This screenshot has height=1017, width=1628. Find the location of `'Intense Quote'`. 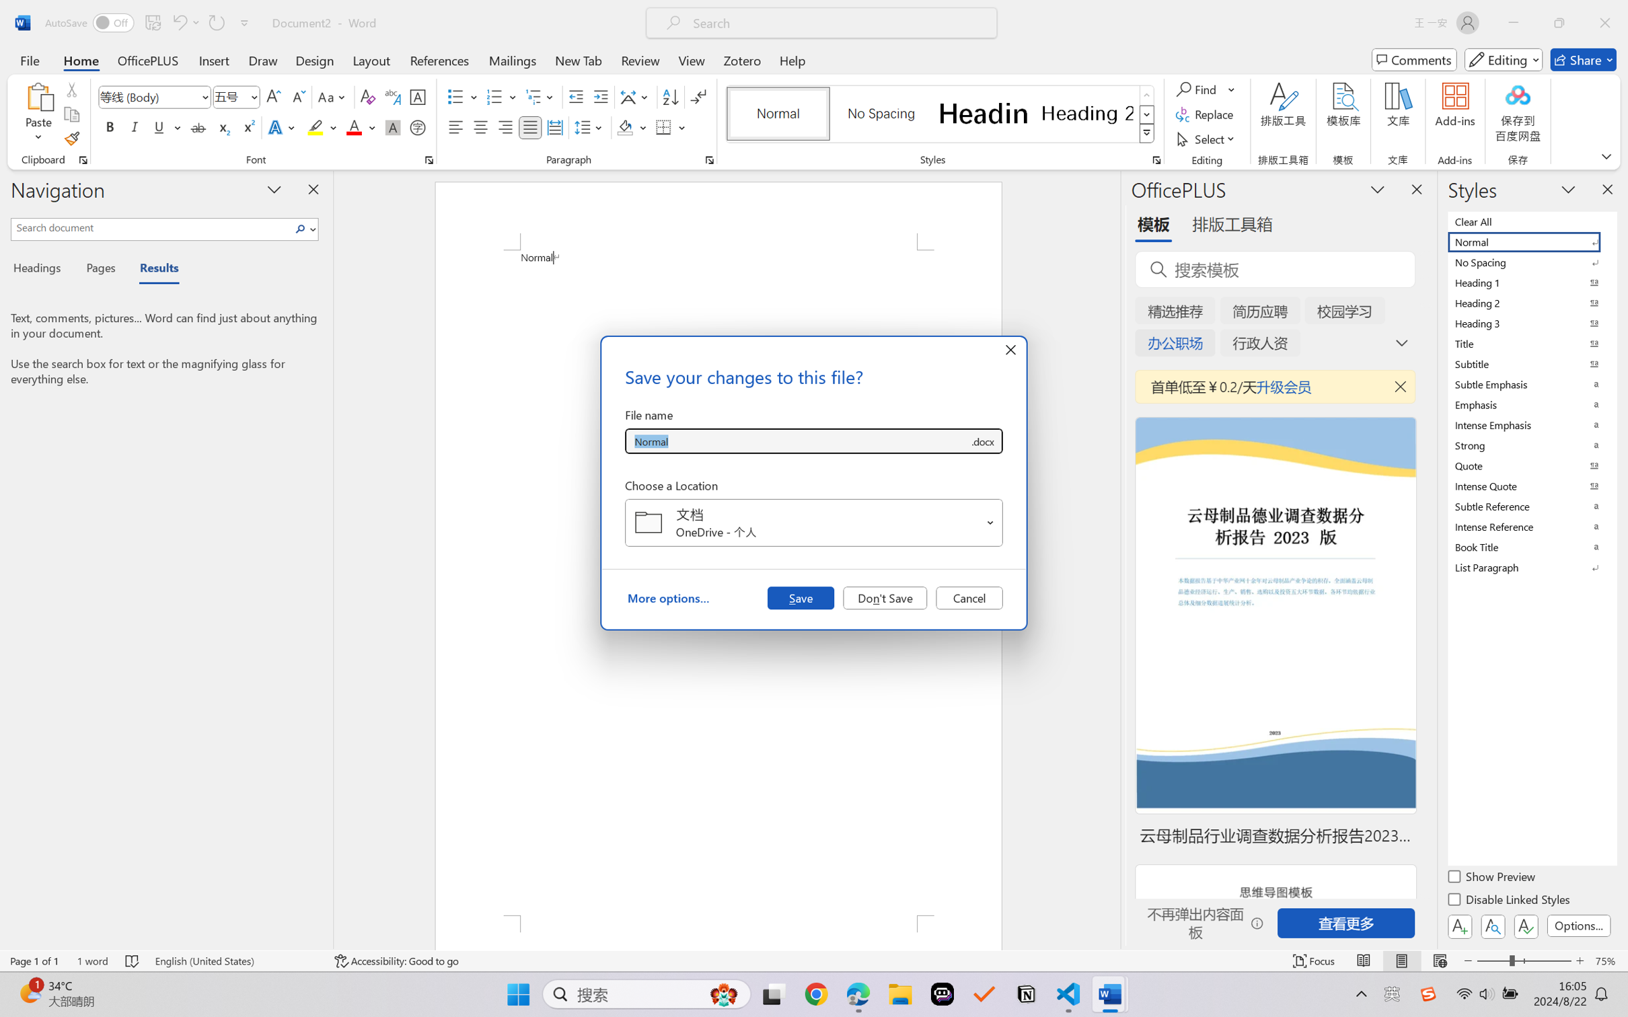

'Intense Quote' is located at coordinates (1530, 486).